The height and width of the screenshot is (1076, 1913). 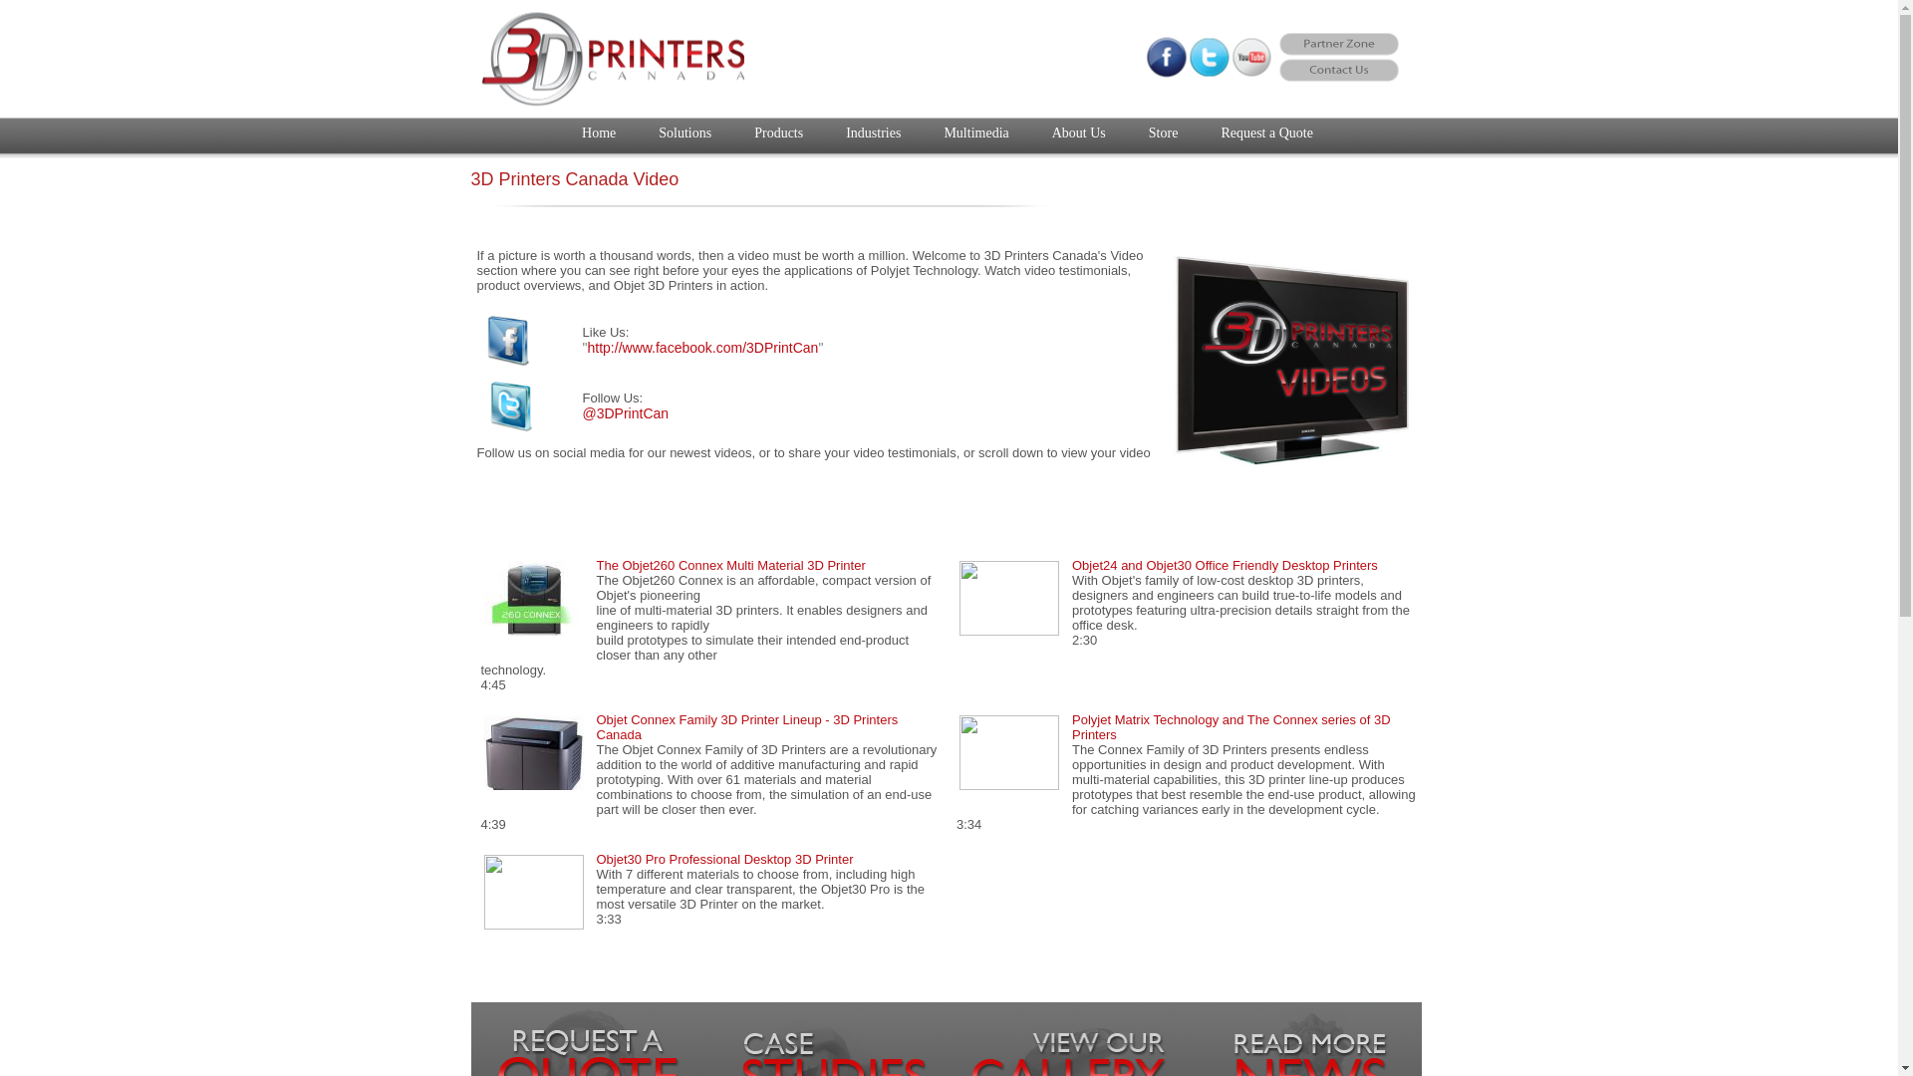 I want to click on '@3DPrintCan', so click(x=582, y=413).